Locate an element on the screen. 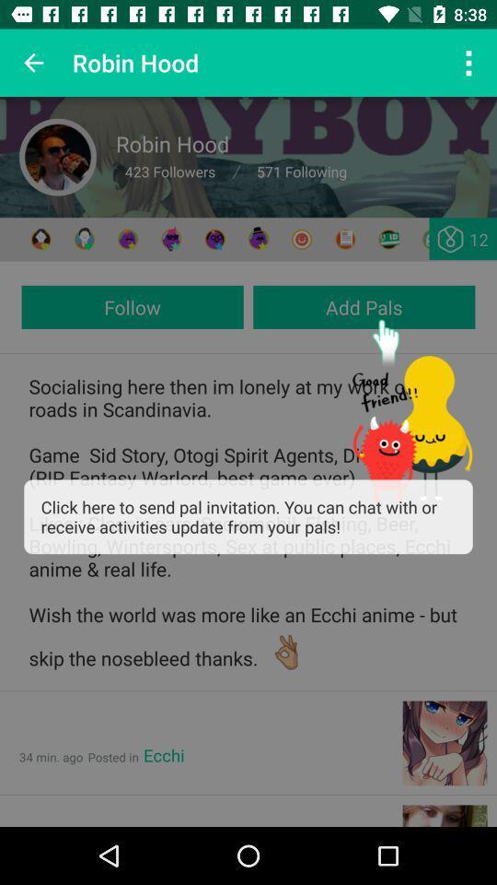  anime is located at coordinates (257, 238).